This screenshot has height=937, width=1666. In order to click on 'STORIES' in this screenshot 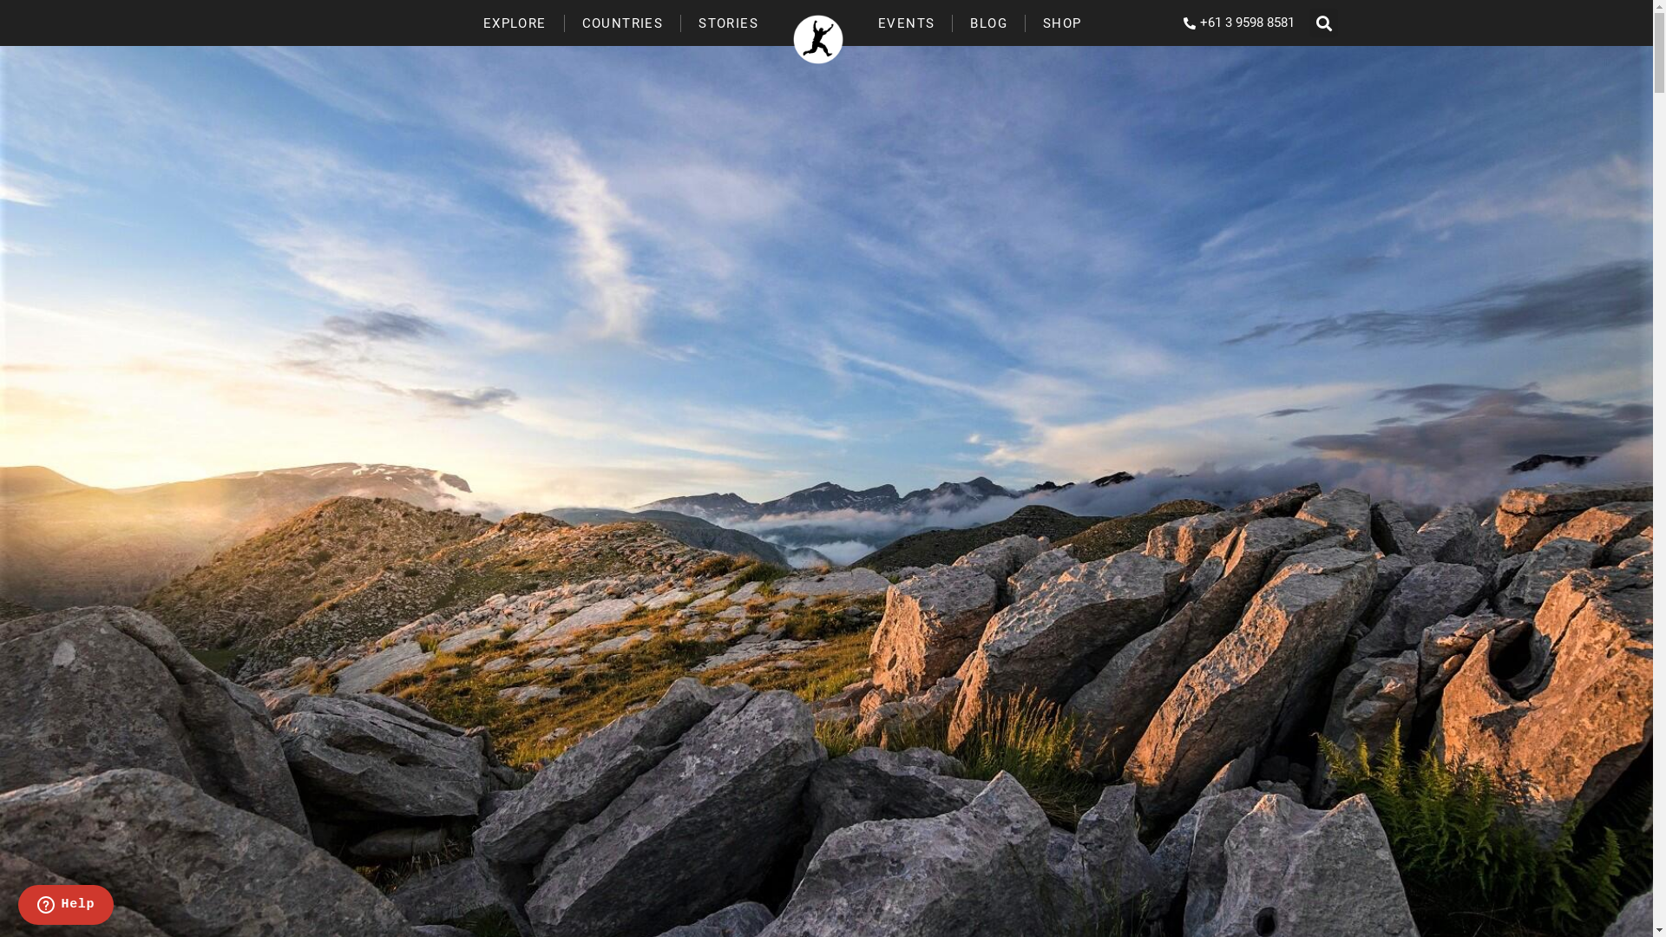, I will do `click(728, 23)`.